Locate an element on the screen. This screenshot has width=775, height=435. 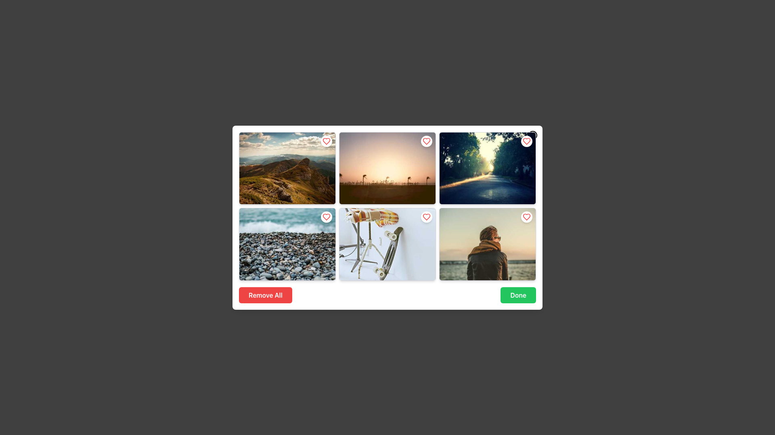
the image thumbnail featuring a scenic mountain landscape with a red heart icon overlay is located at coordinates (287, 167).